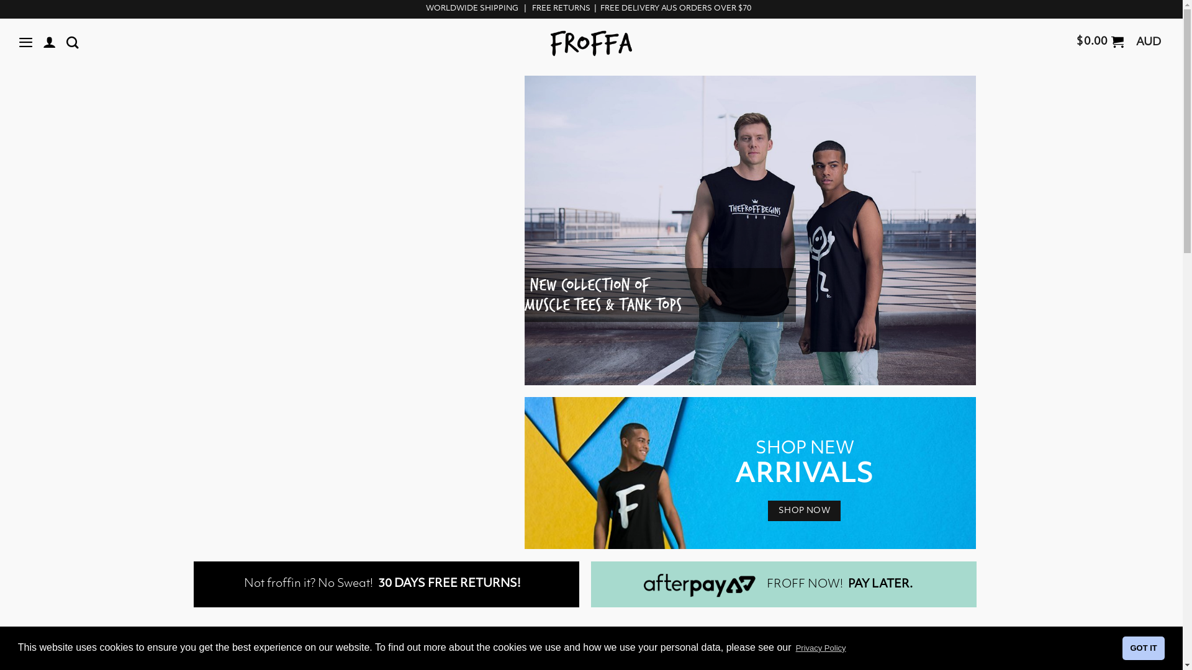 The image size is (1192, 670). I want to click on 'FROFFA - LIKE NO OTHER', so click(590, 43).